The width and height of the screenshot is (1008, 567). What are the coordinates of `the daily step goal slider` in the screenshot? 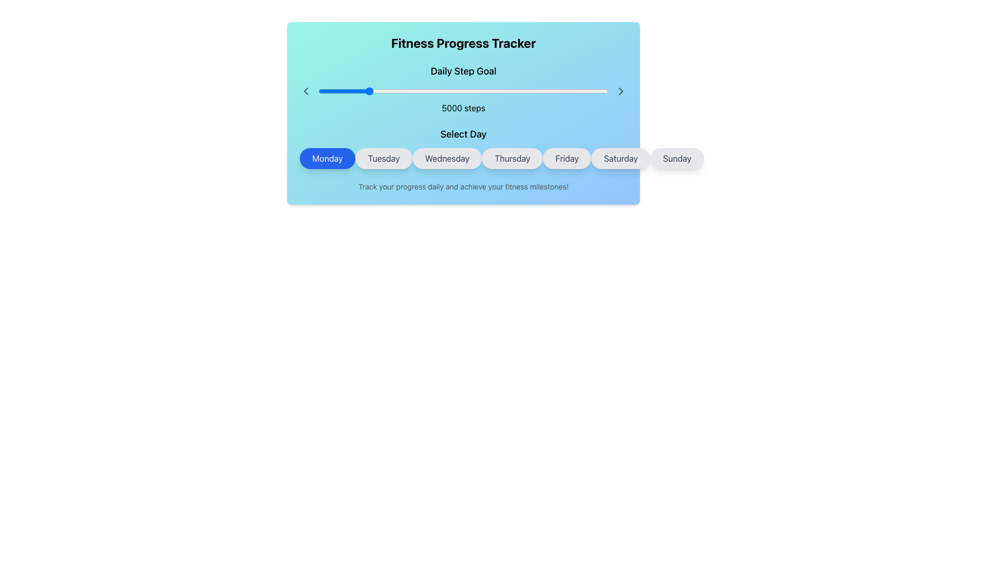 It's located at (581, 90).